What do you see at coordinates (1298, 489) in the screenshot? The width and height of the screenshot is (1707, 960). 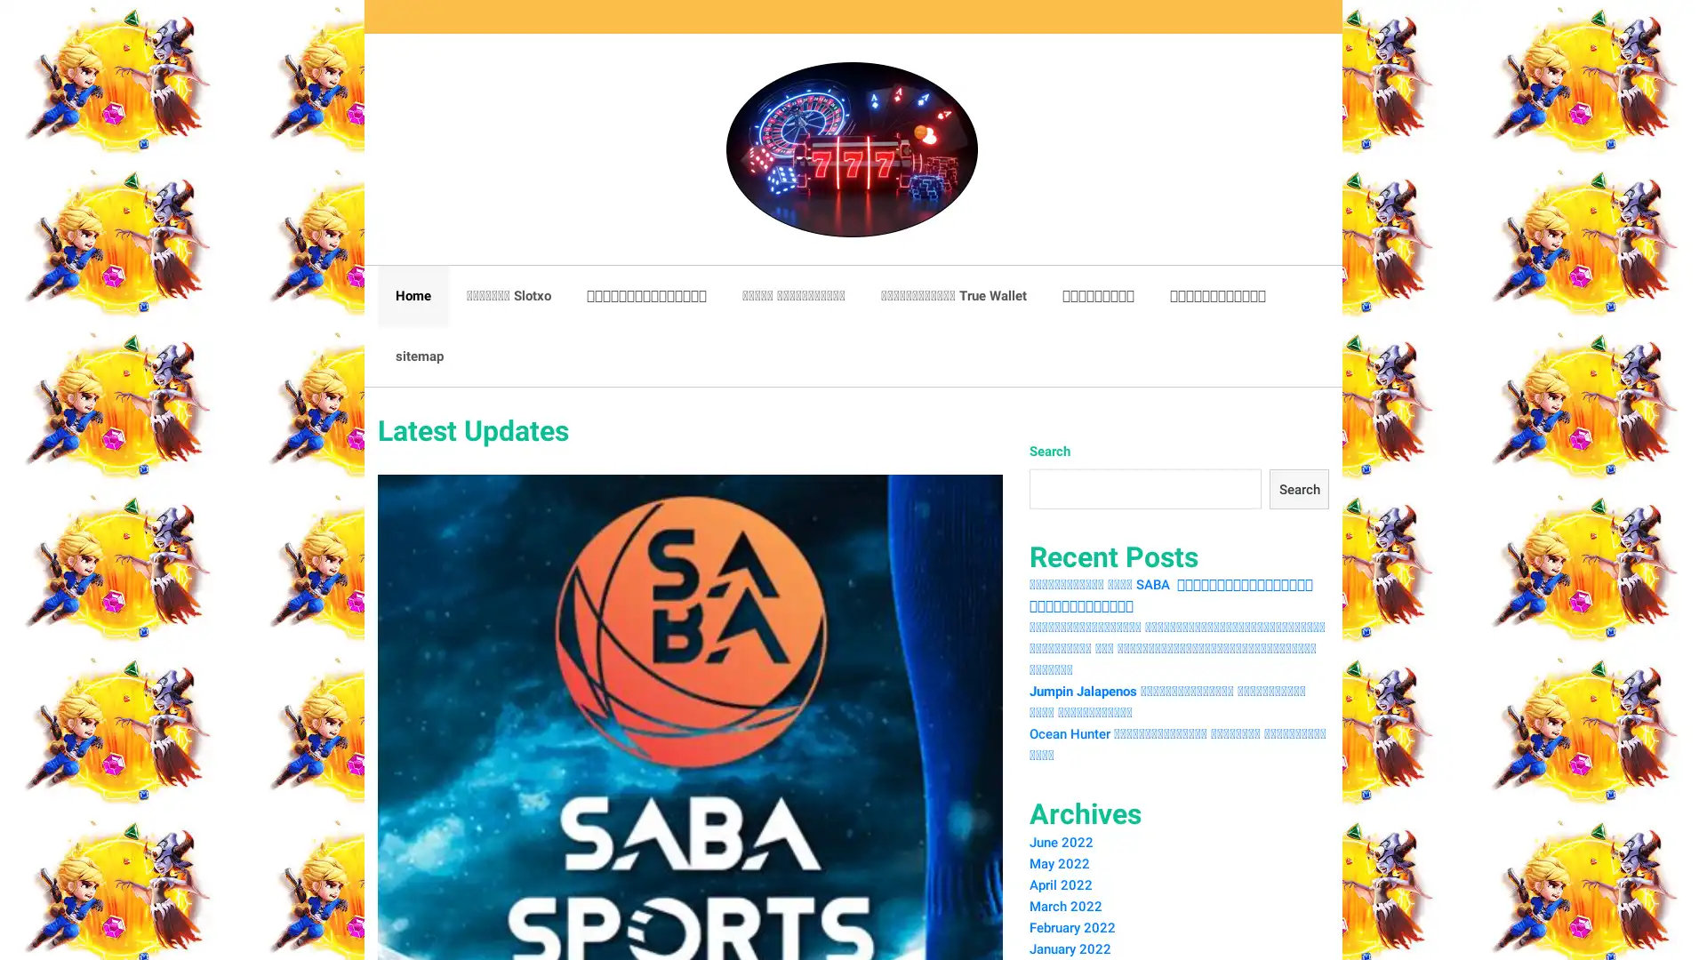 I see `Search` at bounding box center [1298, 489].